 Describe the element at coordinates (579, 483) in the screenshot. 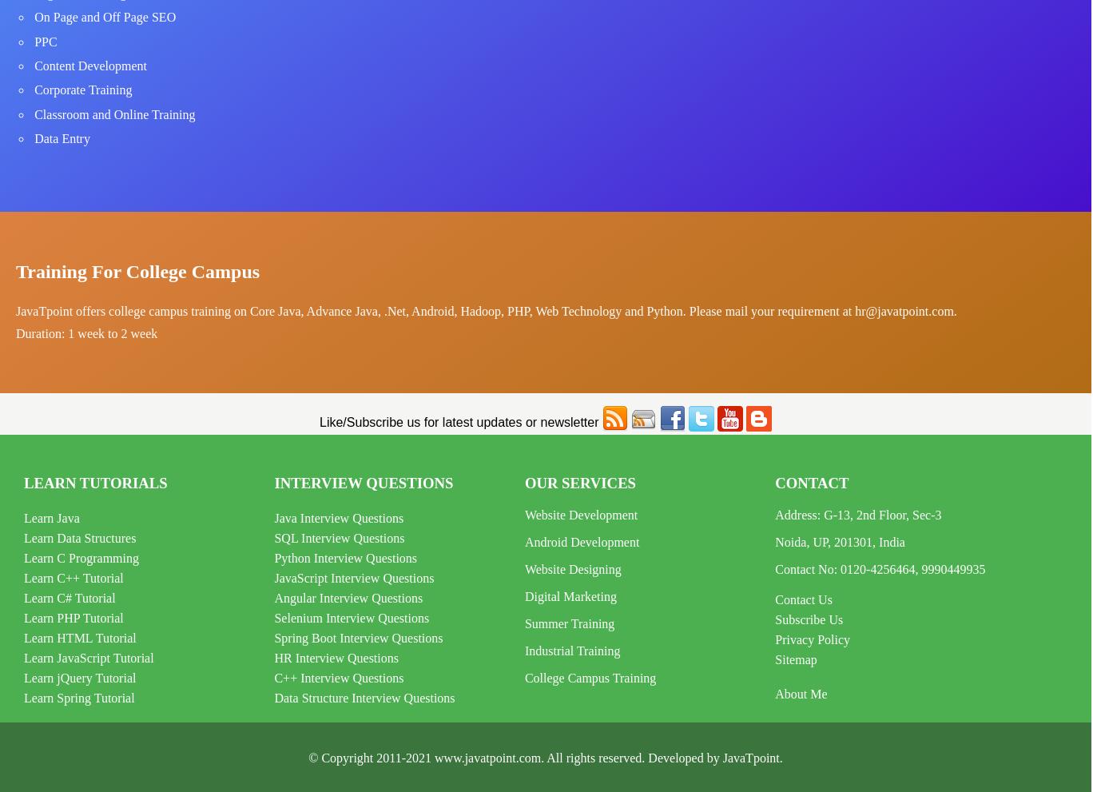

I see `'Our Services'` at that location.